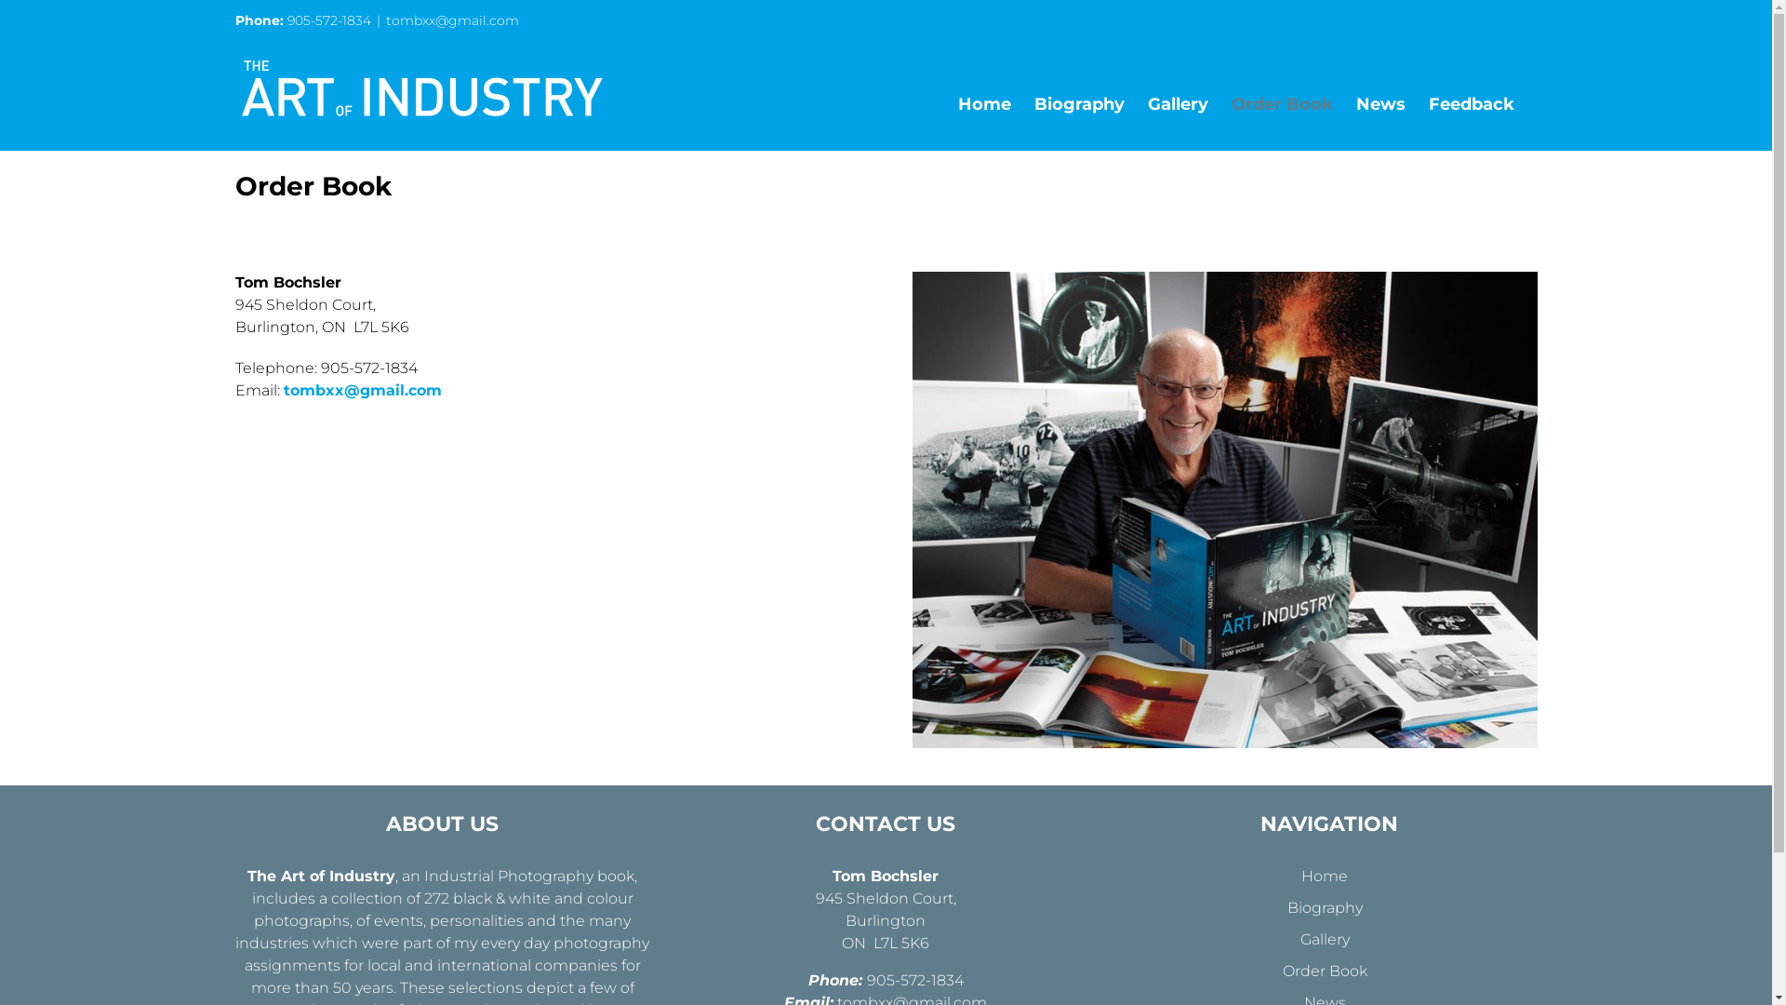 The image size is (1786, 1005). I want to click on 'Feedback', so click(1471, 103).